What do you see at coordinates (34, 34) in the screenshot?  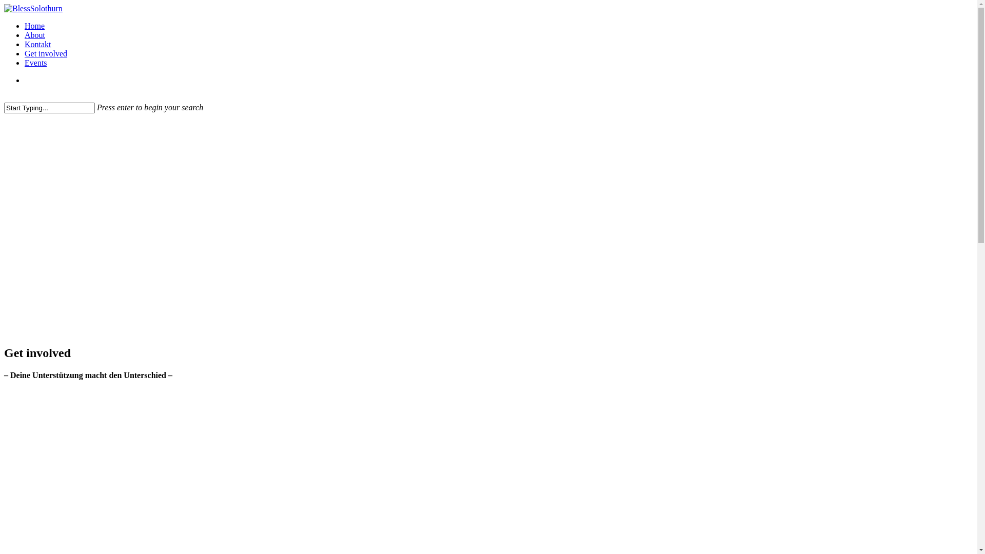 I see `'About'` at bounding box center [34, 34].